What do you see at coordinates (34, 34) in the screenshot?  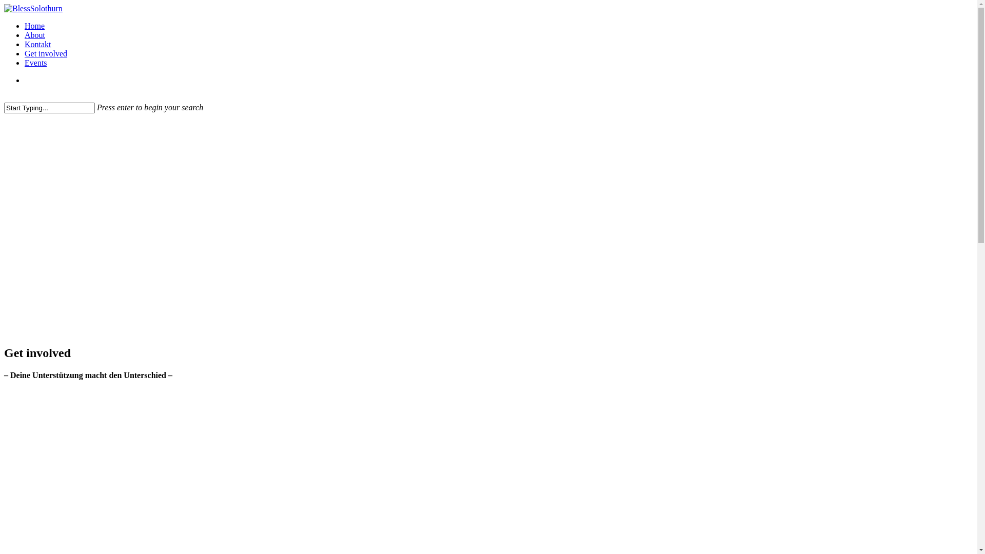 I see `'About'` at bounding box center [34, 34].